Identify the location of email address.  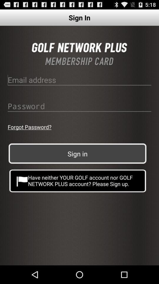
(79, 79).